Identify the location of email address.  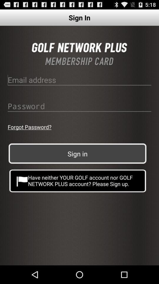
(79, 79).